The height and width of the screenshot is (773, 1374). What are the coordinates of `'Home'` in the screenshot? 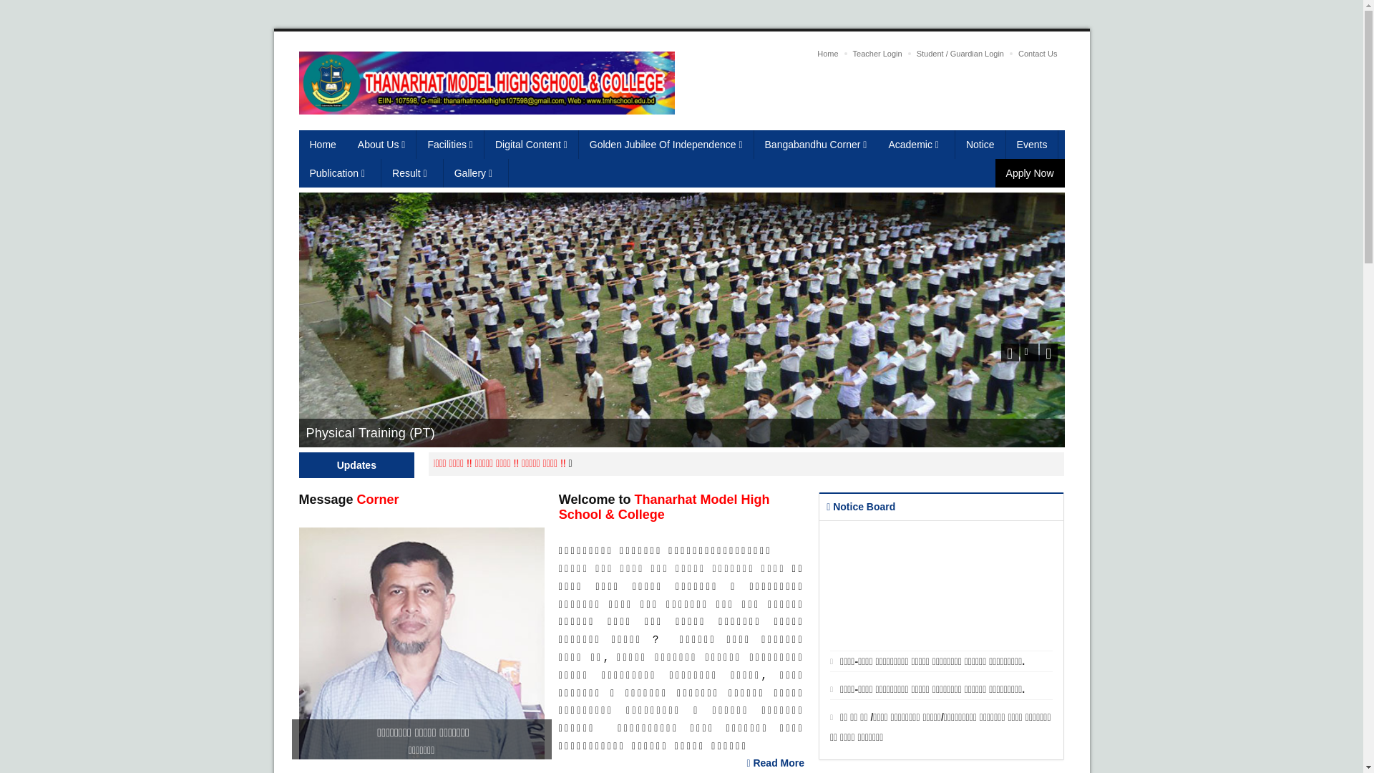 It's located at (298, 144).